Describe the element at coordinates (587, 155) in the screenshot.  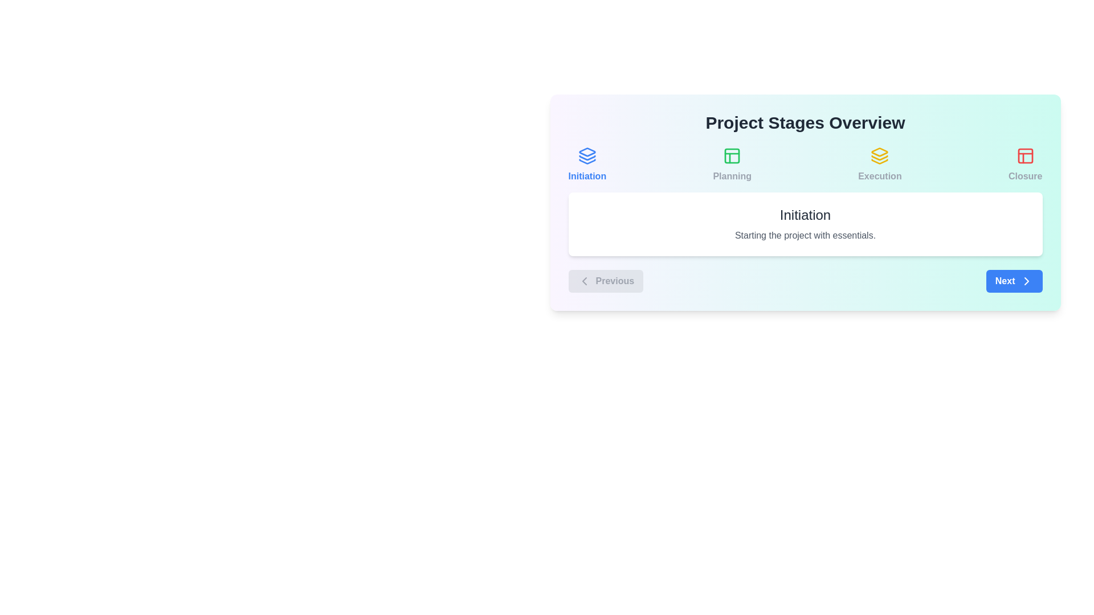
I see `the first icon representing the 'Initiation' stage in the 'Project Stages Overview' section` at that location.